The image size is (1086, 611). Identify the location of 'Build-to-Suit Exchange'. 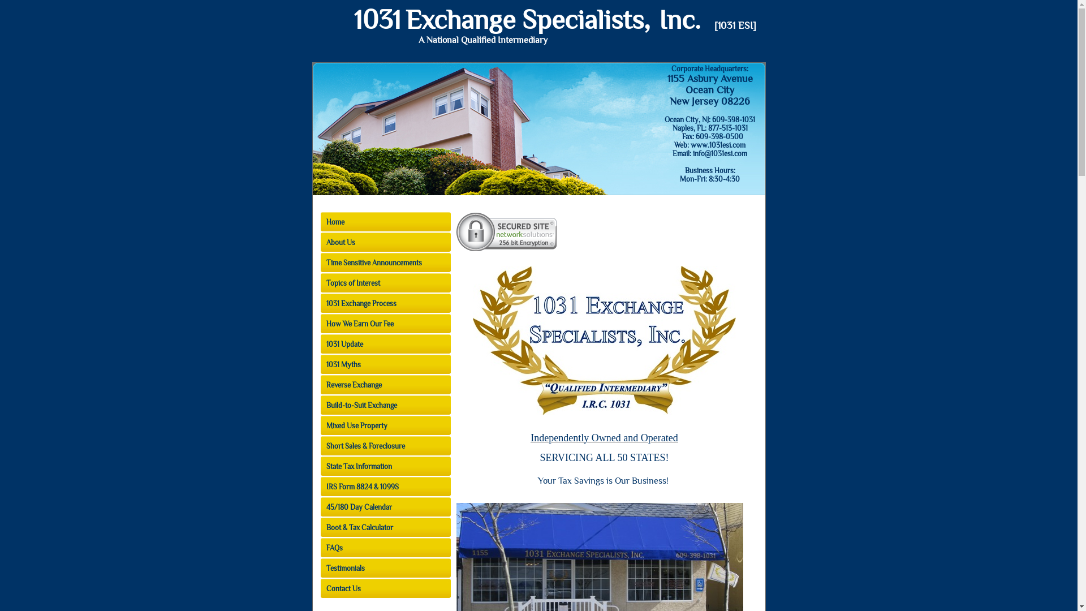
(385, 405).